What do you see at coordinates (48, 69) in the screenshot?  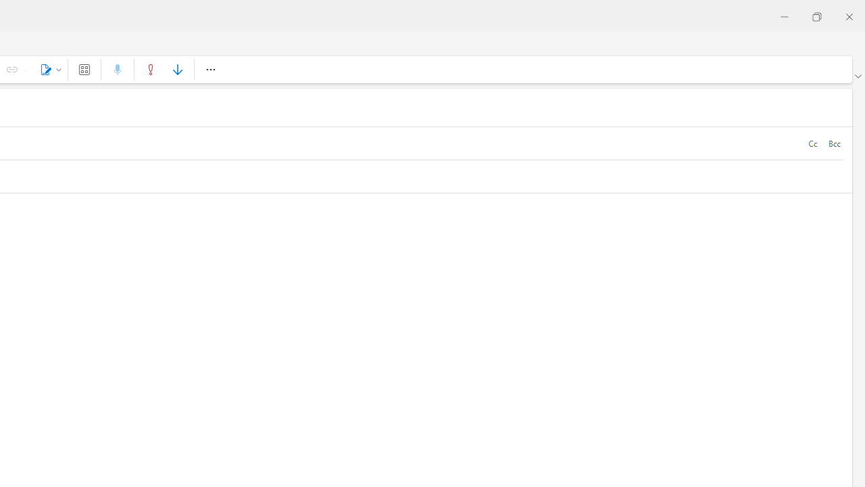 I see `'Signature'` at bounding box center [48, 69].